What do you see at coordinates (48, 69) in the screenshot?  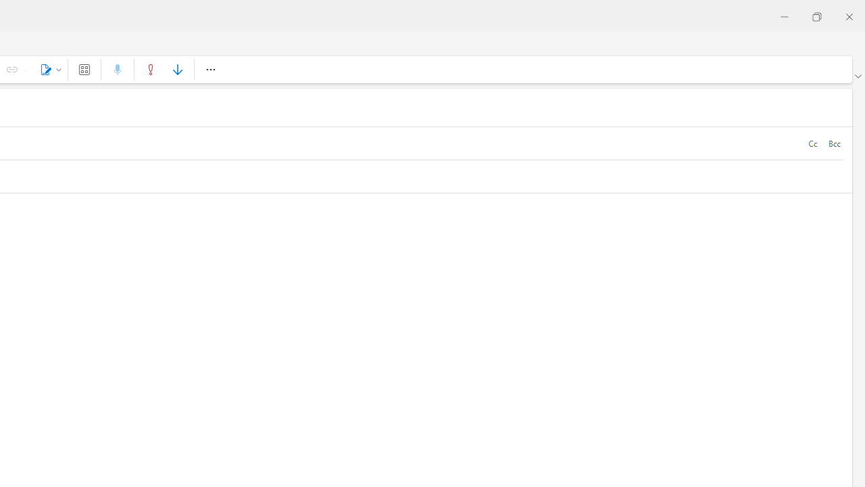 I see `'Signature'` at bounding box center [48, 69].